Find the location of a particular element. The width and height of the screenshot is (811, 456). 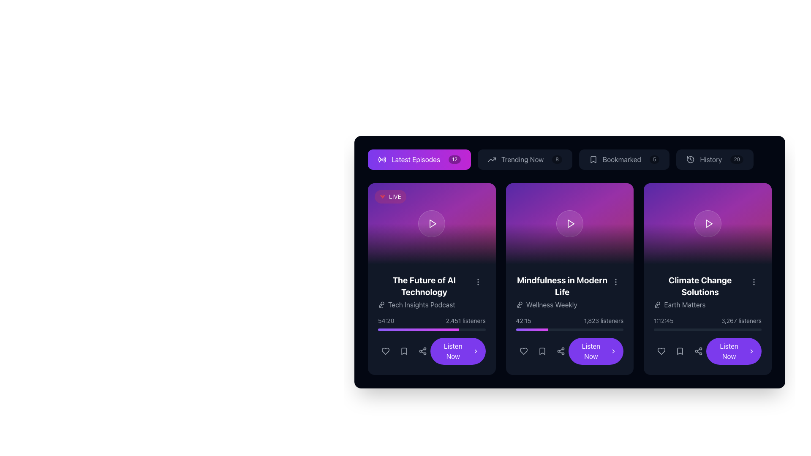

the share button, which is the third icon in the bottom action bar of the third card, located between the bookmark icon and the 'Listen Now' button is located at coordinates (699, 351).